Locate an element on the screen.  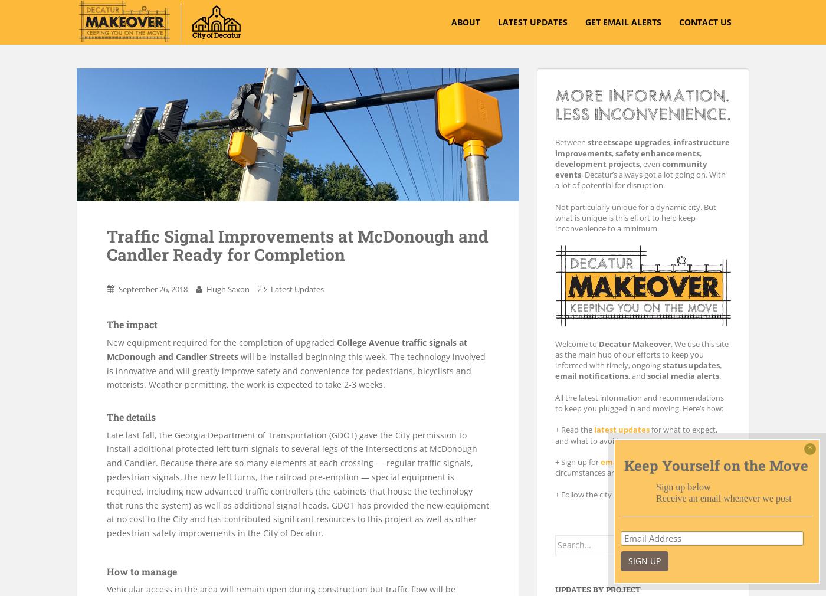
'streetscape upgrades' is located at coordinates (587, 141).